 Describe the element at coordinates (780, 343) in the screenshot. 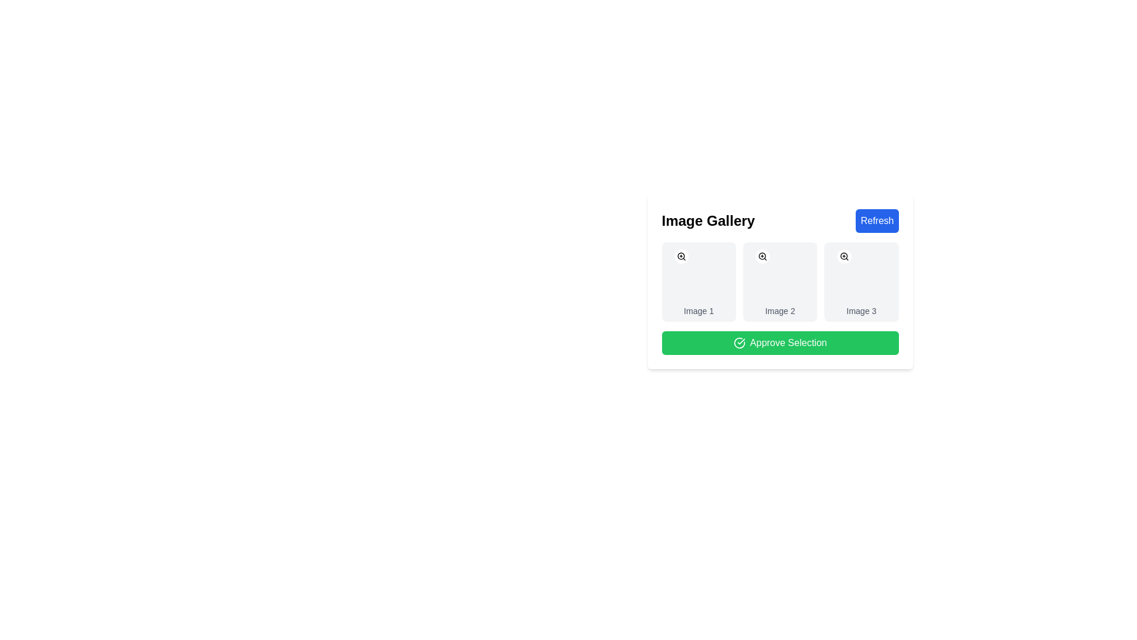

I see `the green button labeled 'Approve Selection' located at the bottom of the 'Image Gallery' panel` at that location.